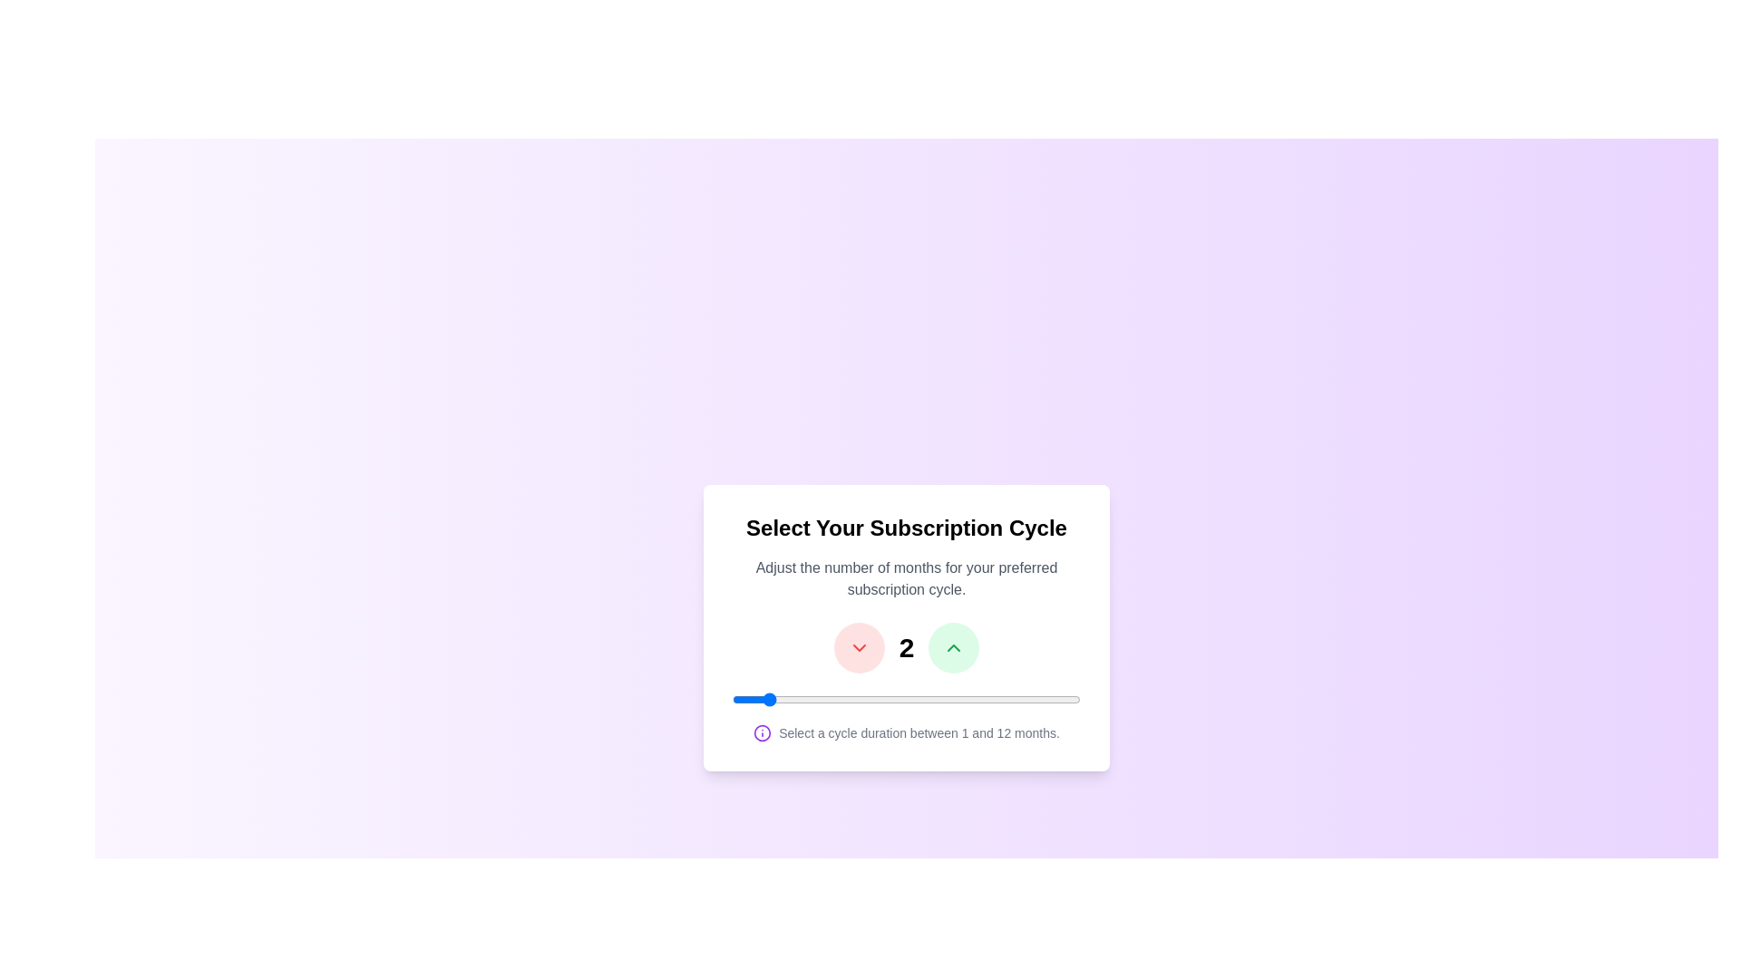  I want to click on the circular green button with an upward-pointing chevron icon to increment the count, so click(953, 646).